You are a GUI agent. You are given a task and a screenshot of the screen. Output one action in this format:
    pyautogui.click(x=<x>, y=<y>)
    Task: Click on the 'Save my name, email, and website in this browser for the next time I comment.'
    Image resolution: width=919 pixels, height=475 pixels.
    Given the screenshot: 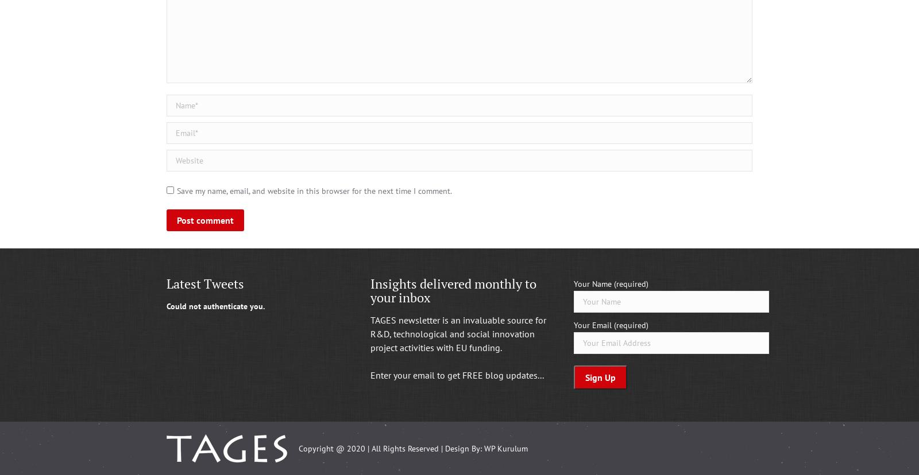 What is the action you would take?
    pyautogui.click(x=314, y=190)
    